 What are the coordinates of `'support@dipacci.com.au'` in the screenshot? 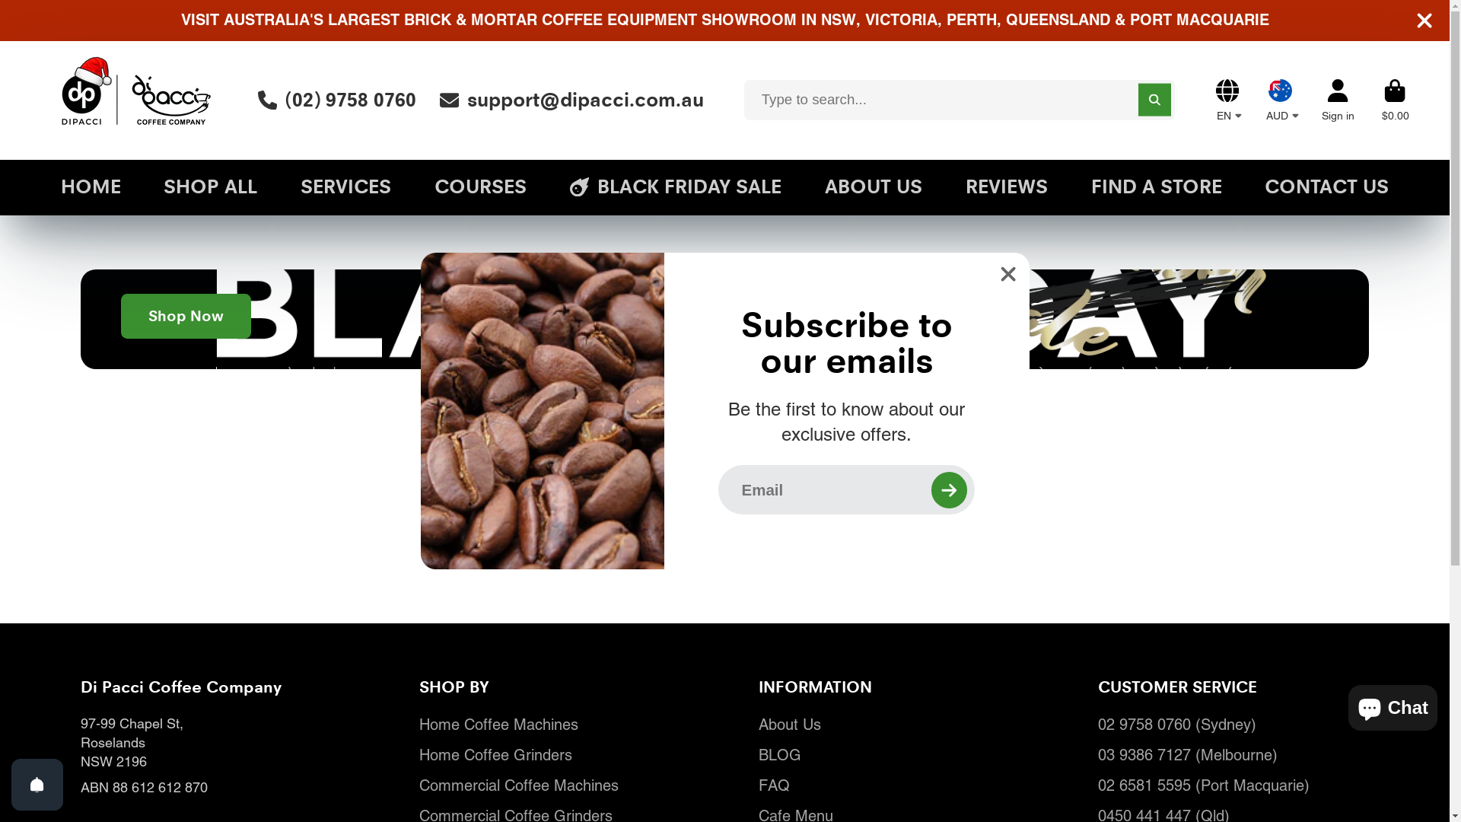 It's located at (571, 100).